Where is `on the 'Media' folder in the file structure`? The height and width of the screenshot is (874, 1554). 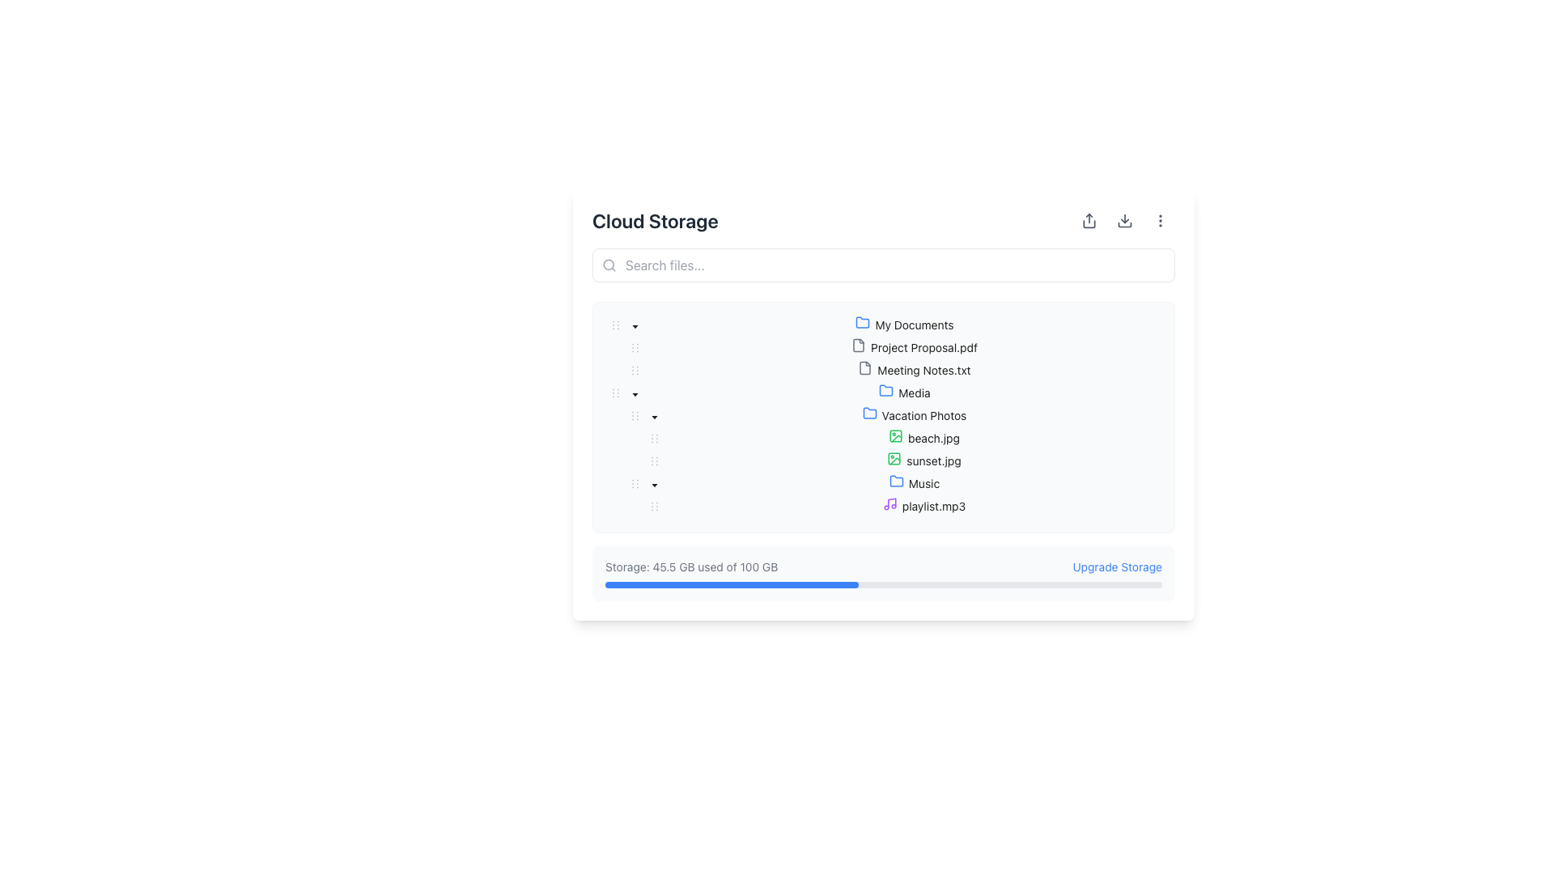 on the 'Media' folder in the file structure is located at coordinates (904, 393).